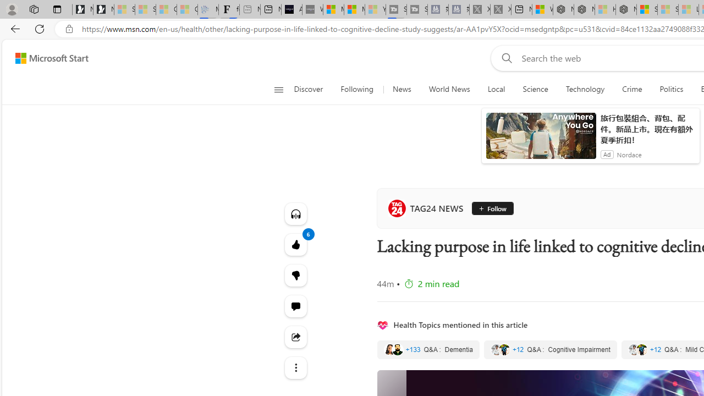 Image resolution: width=704 pixels, height=396 pixels. Describe the element at coordinates (496, 89) in the screenshot. I see `'Local'` at that location.